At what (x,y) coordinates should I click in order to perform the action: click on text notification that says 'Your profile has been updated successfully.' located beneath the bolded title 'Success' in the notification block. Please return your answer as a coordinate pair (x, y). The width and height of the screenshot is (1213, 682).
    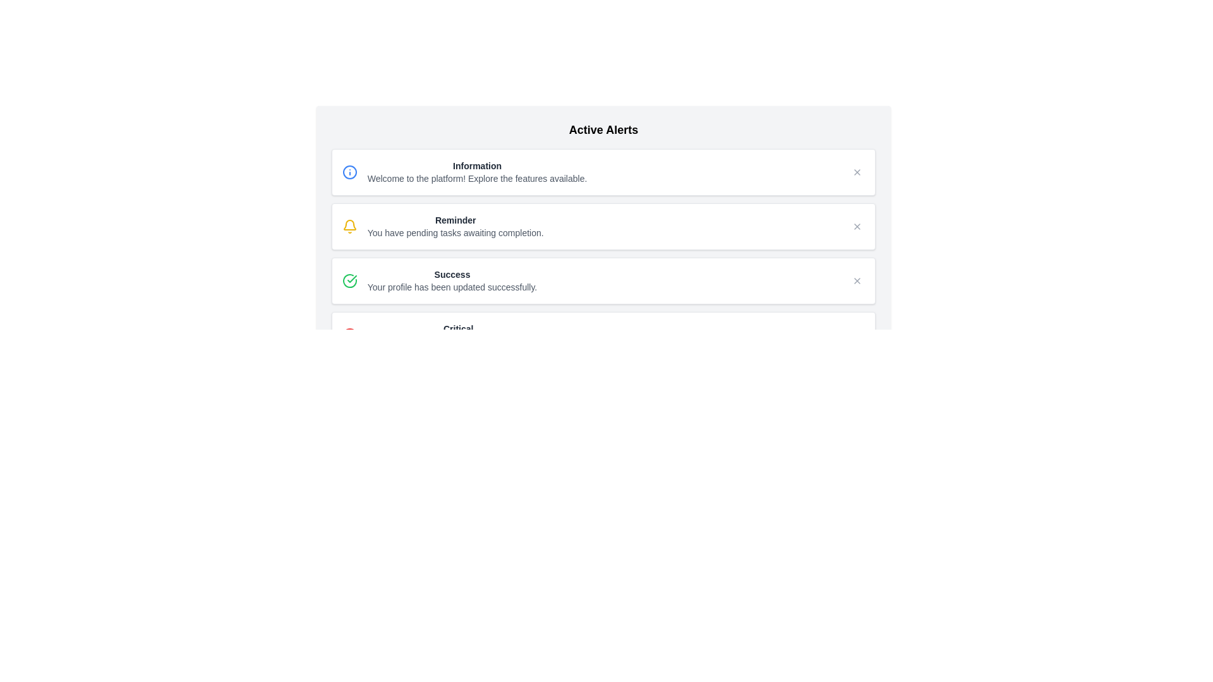
    Looking at the image, I should click on (452, 287).